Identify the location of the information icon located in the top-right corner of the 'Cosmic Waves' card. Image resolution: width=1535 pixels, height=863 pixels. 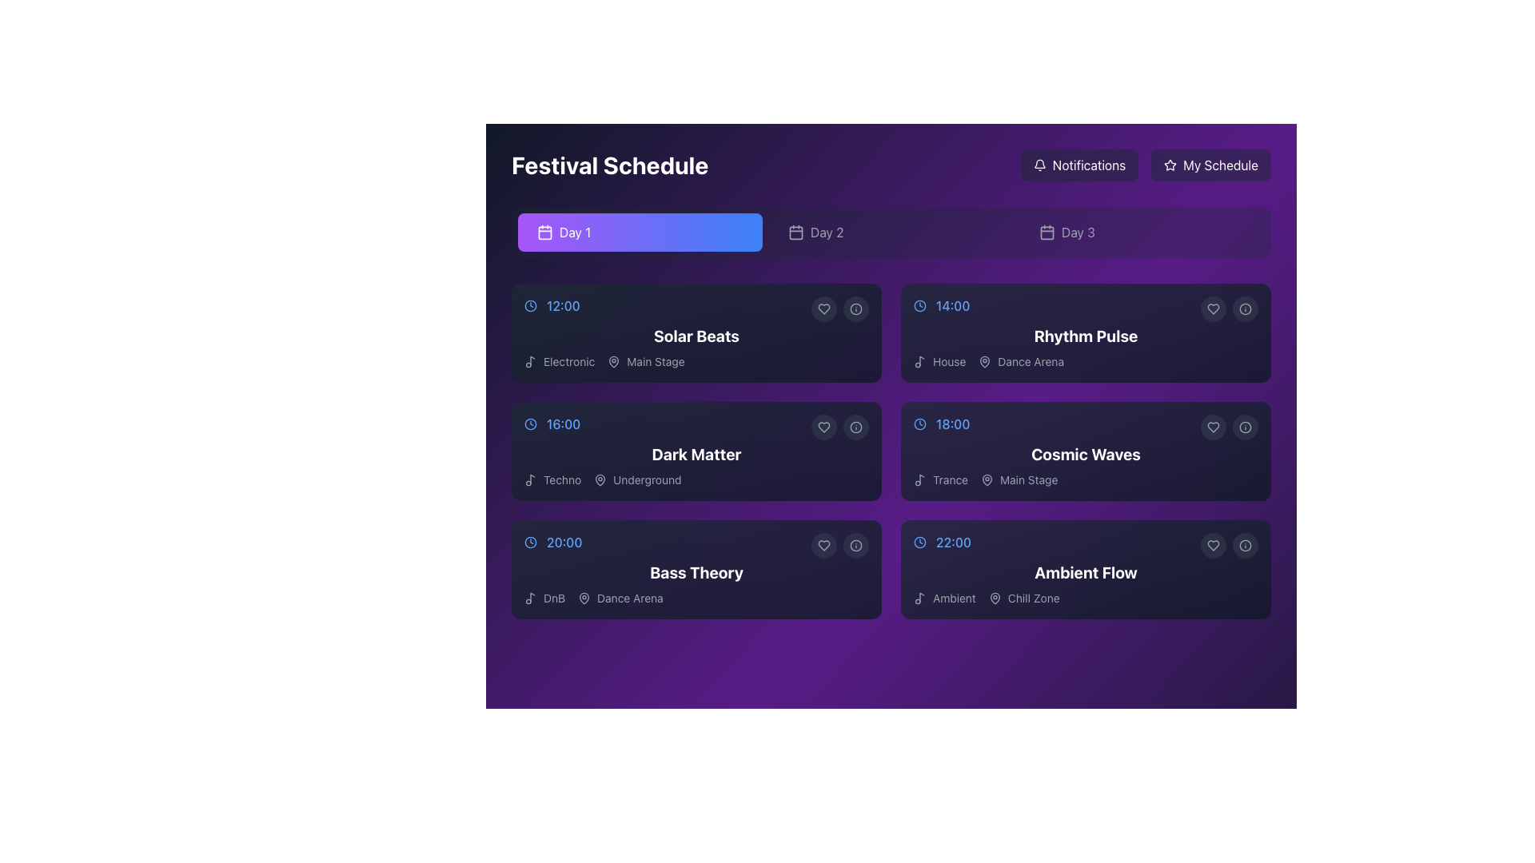
(1245, 427).